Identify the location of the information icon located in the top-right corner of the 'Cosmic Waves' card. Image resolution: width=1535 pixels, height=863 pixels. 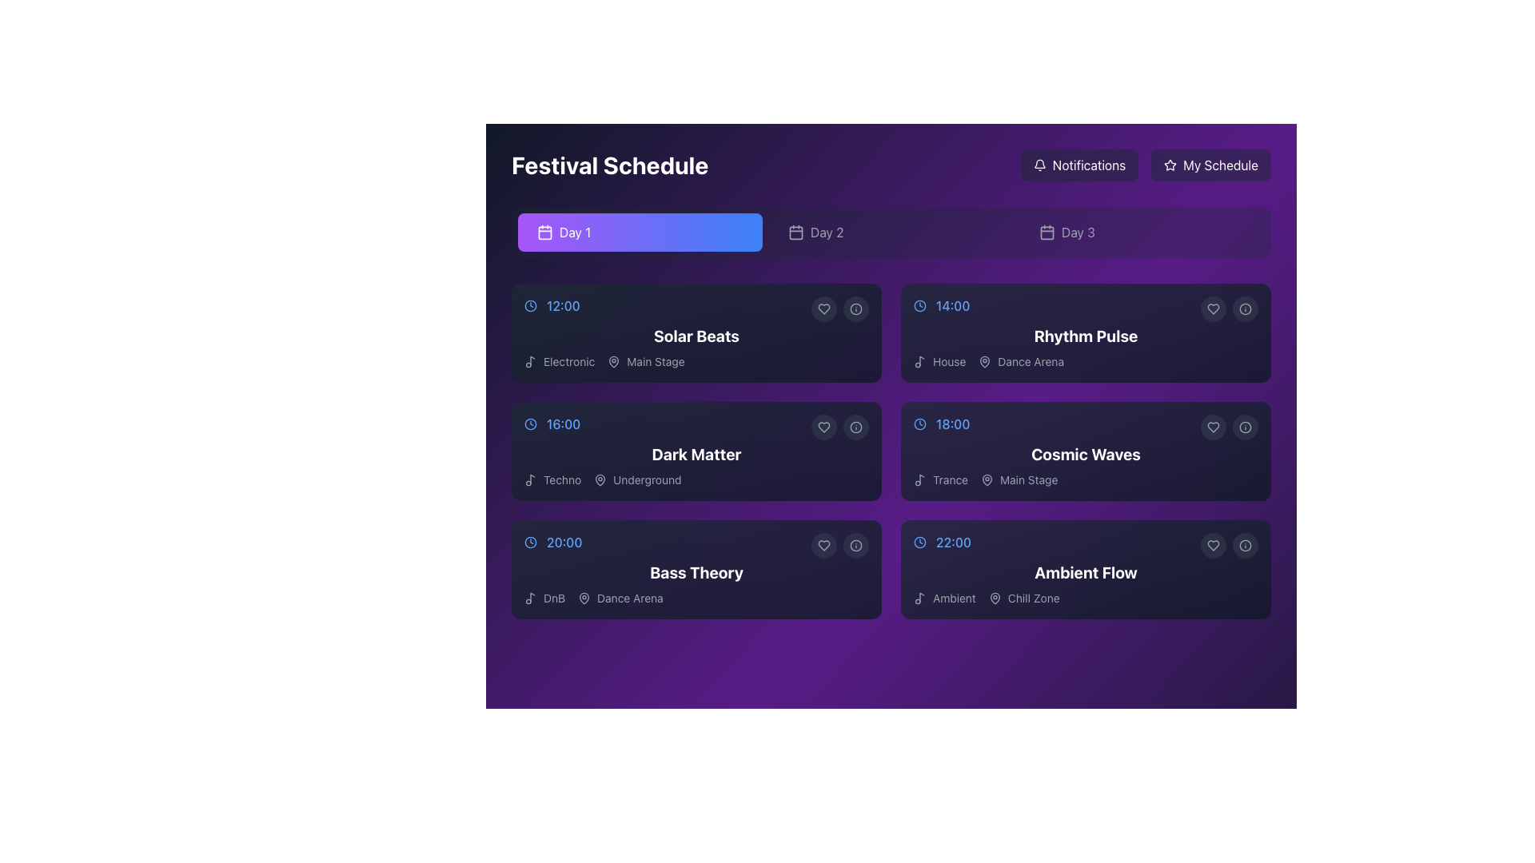
(1245, 427).